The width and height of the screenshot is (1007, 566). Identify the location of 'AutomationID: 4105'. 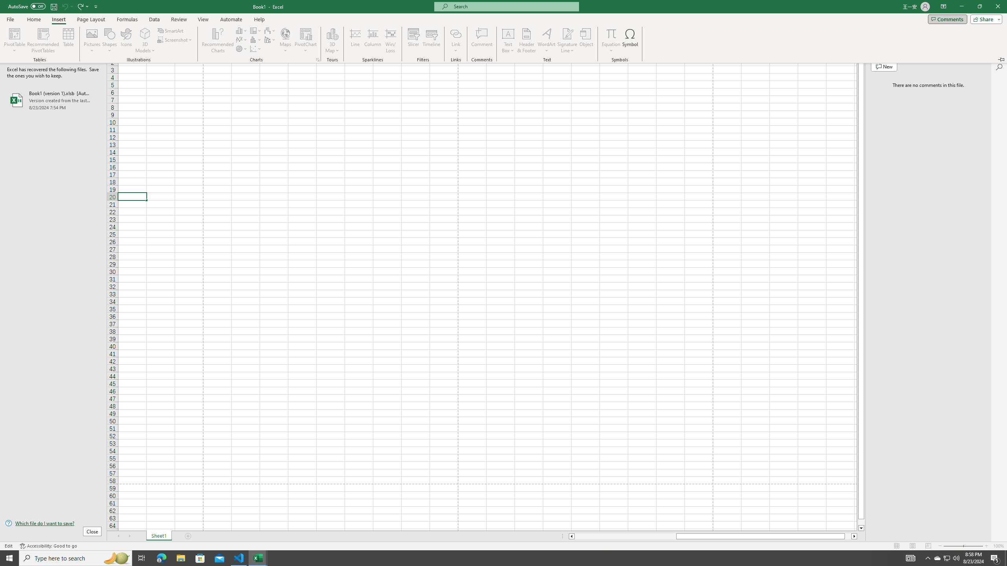
(946, 557).